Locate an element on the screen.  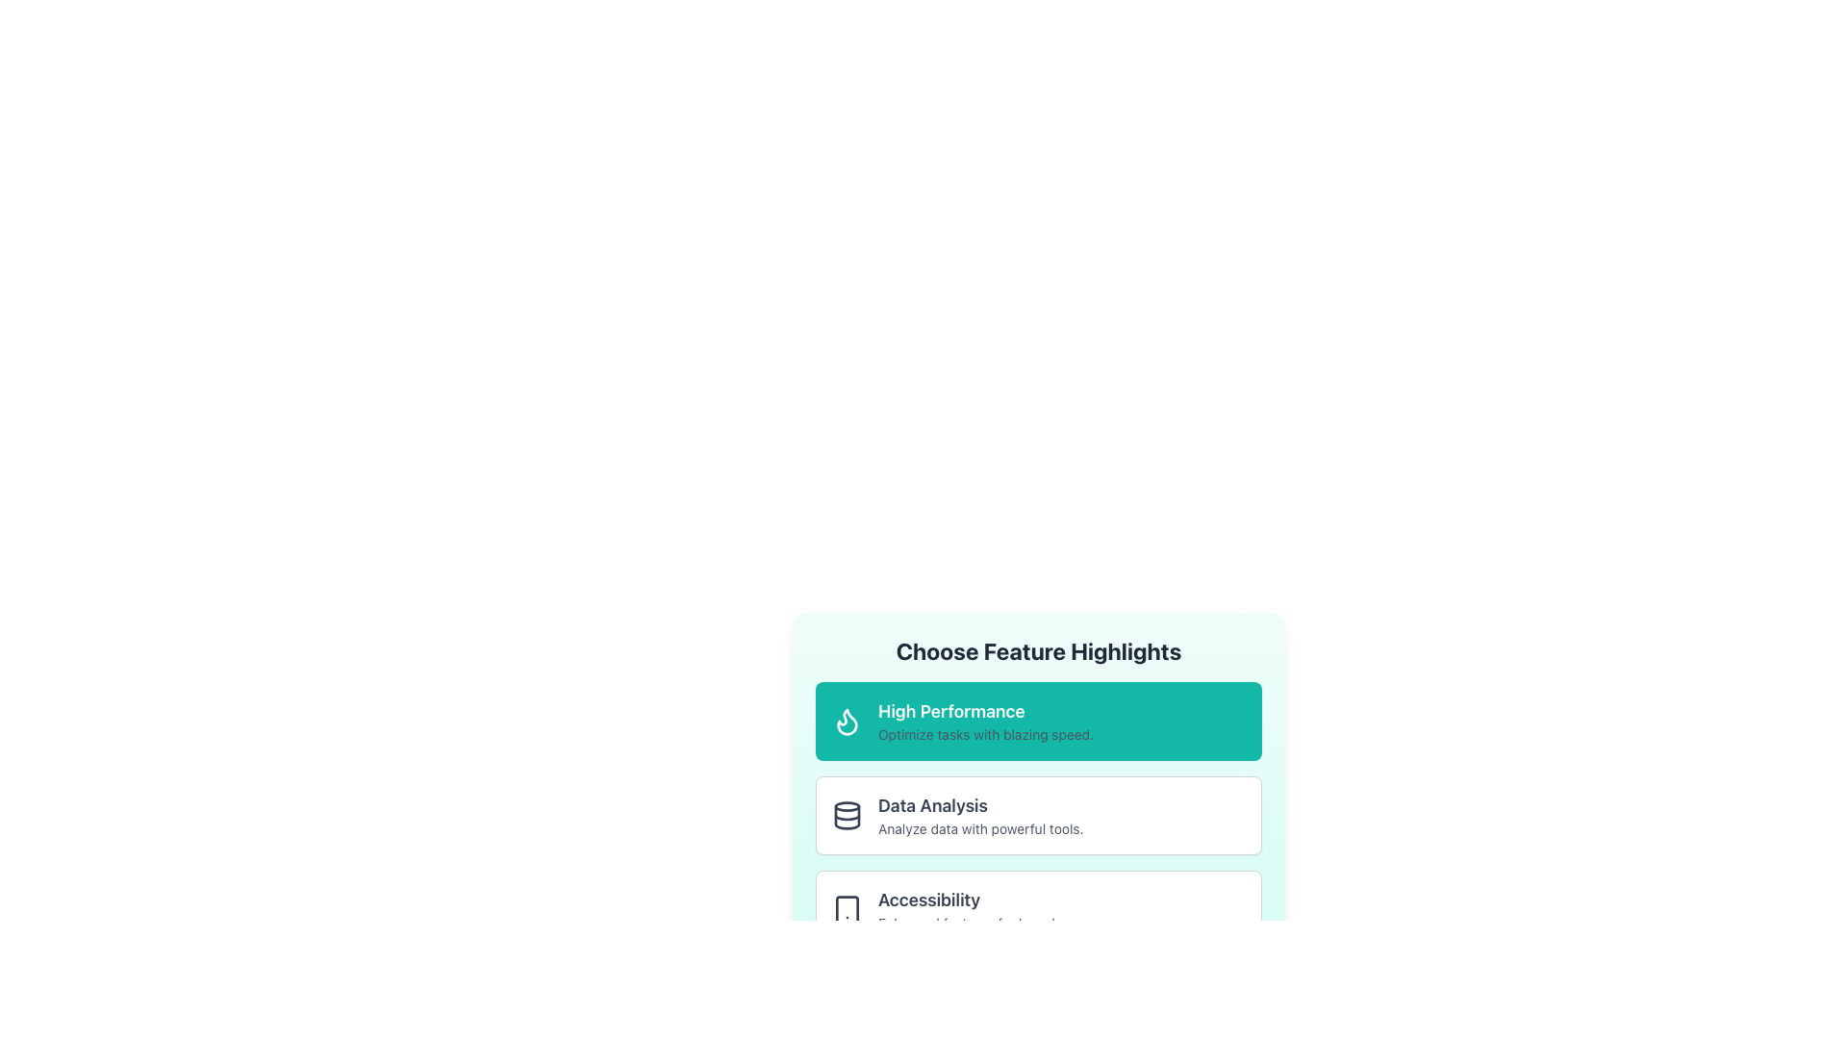
the text element describing the 'Accessibility' feature within the third card of the 'Choose Feature Highlights' section, positioned below 'Data Analysis' is located at coordinates (998, 909).